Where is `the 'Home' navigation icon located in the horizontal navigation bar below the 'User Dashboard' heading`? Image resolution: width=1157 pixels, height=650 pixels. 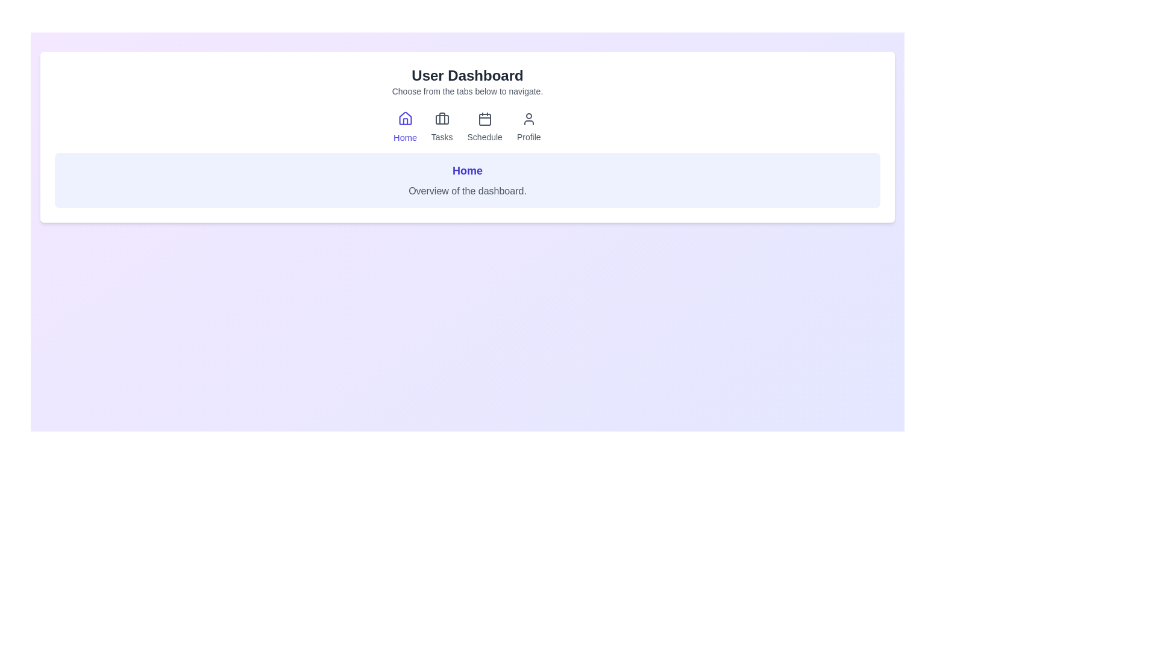
the 'Home' navigation icon located in the horizontal navigation bar below the 'User Dashboard' heading is located at coordinates (405, 119).